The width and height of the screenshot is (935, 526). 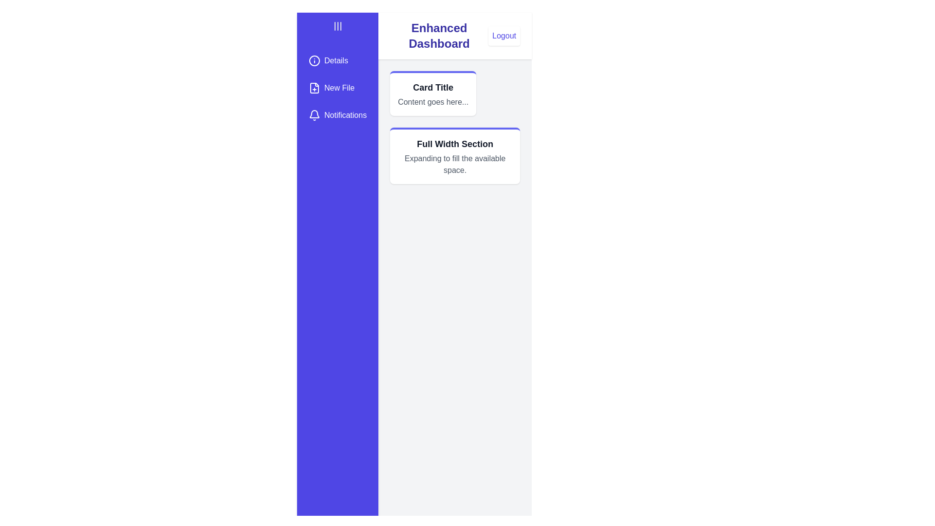 I want to click on the 'Logout' button located in the top-right corner of the white header bar to log out of the current session, so click(x=504, y=35).